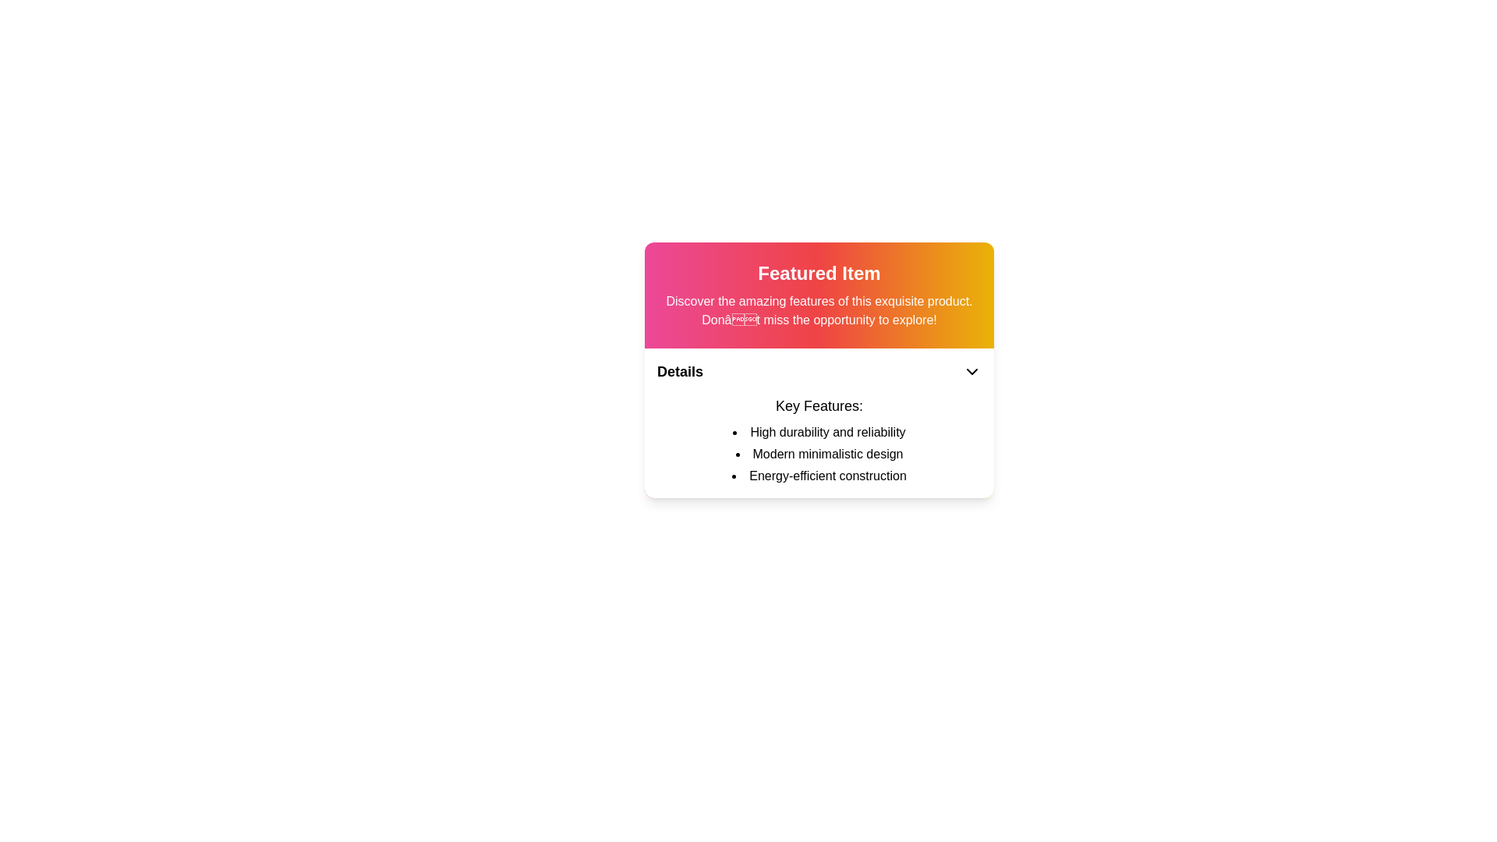  What do you see at coordinates (680, 372) in the screenshot?
I see `the 'Details' text label, which is displayed in bold black font within a card-like dropdown component` at bounding box center [680, 372].